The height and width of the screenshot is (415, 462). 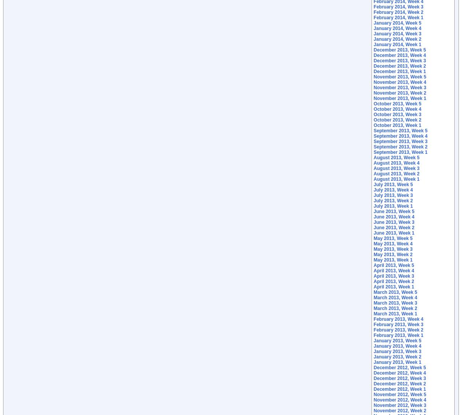 What do you see at coordinates (397, 340) in the screenshot?
I see `'January 2013, Week 5'` at bounding box center [397, 340].